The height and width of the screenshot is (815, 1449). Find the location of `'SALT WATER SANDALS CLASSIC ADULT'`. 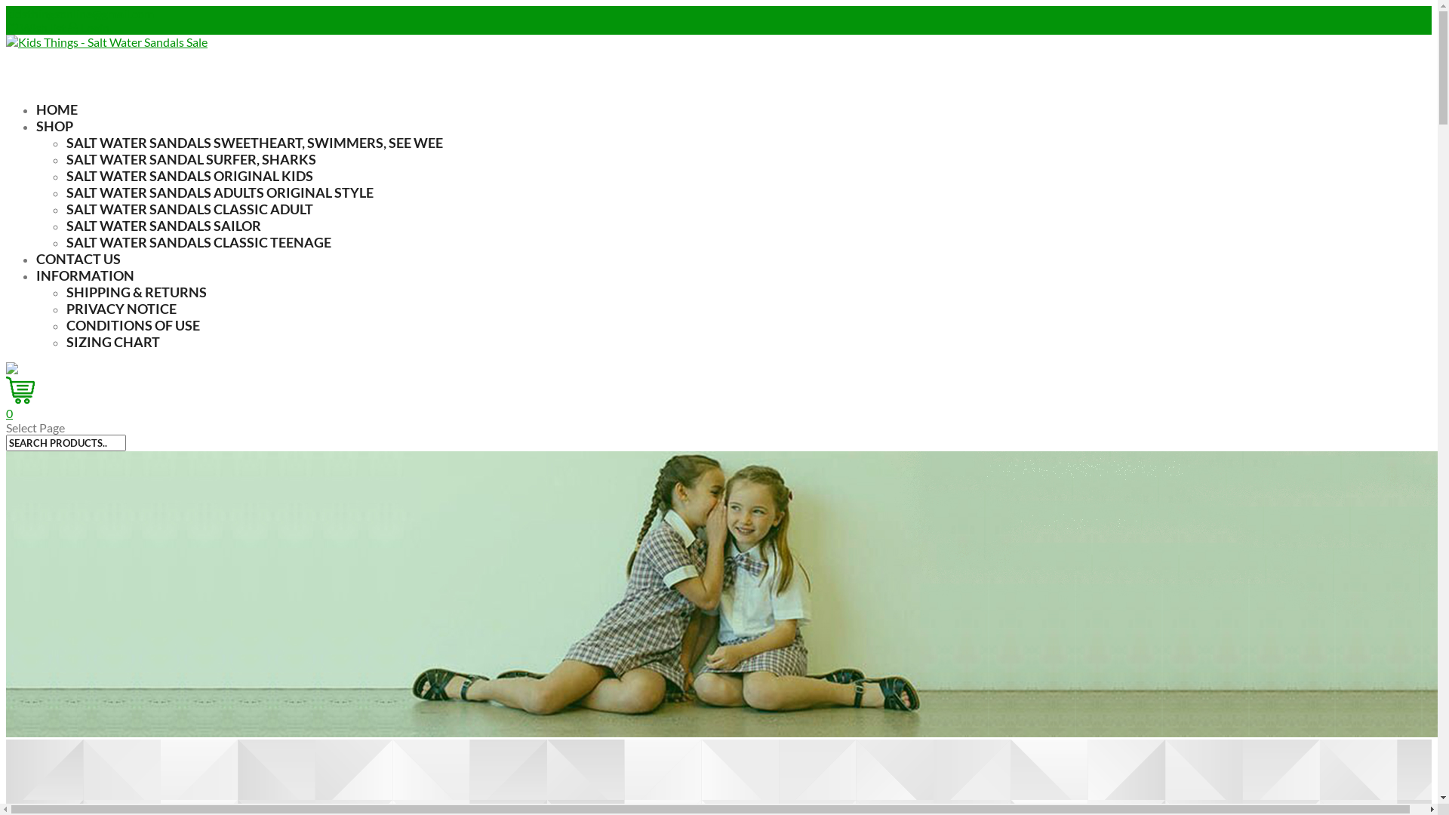

'SALT WATER SANDALS CLASSIC ADULT' is located at coordinates (189, 209).